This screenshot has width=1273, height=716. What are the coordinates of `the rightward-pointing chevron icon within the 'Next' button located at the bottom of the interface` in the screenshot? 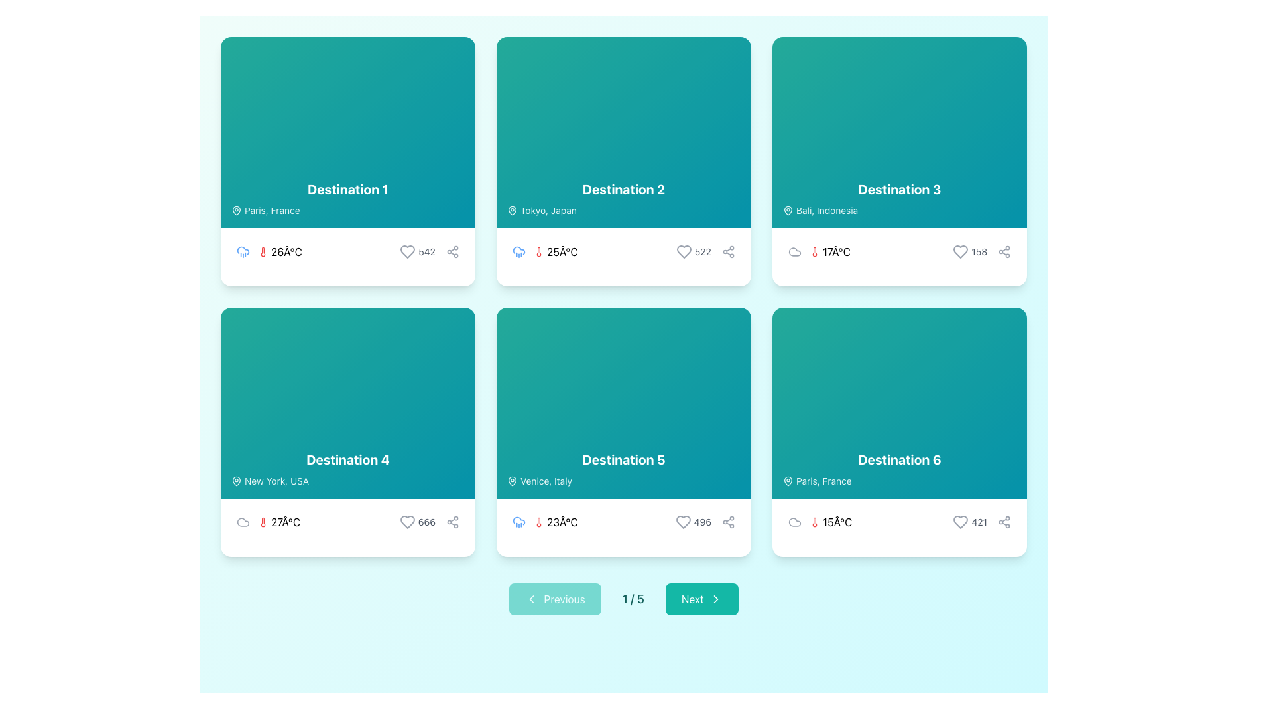 It's located at (715, 599).